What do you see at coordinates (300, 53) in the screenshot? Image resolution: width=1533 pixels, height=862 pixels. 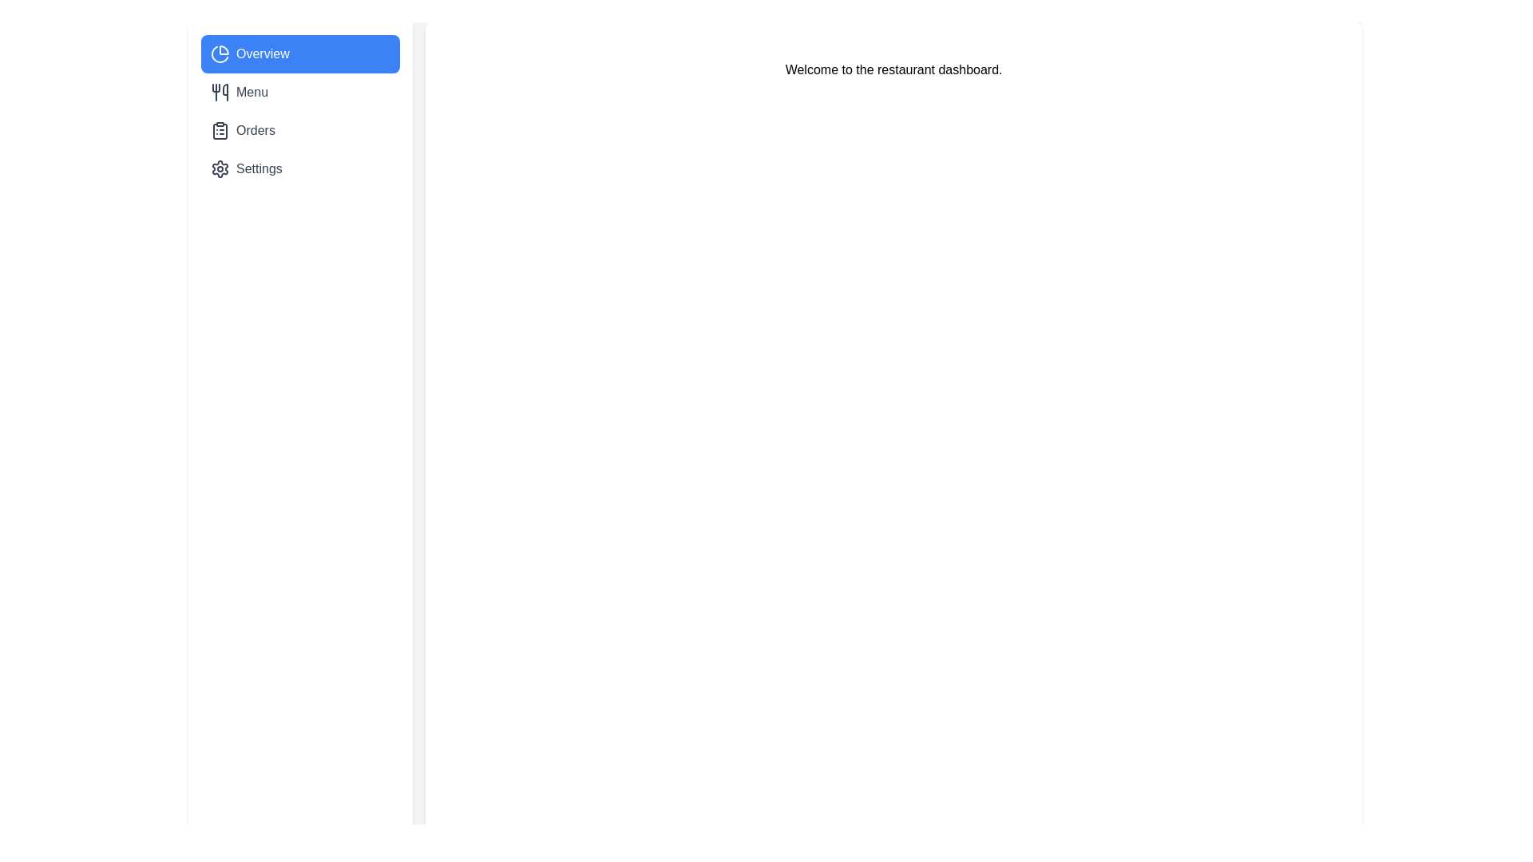 I see `the first button in the vertically stacked list on the left-hand side of the interface` at bounding box center [300, 53].